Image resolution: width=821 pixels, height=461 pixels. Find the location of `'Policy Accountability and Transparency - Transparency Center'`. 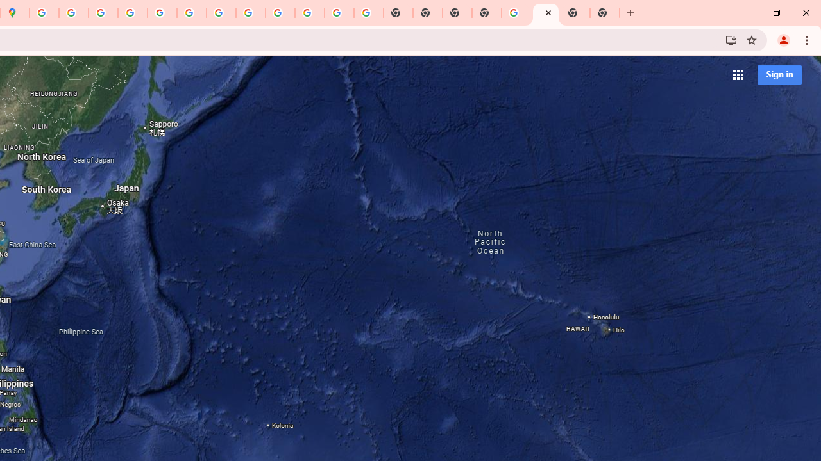

'Policy Accountability and Transparency - Transparency Center' is located at coordinates (44, 13).